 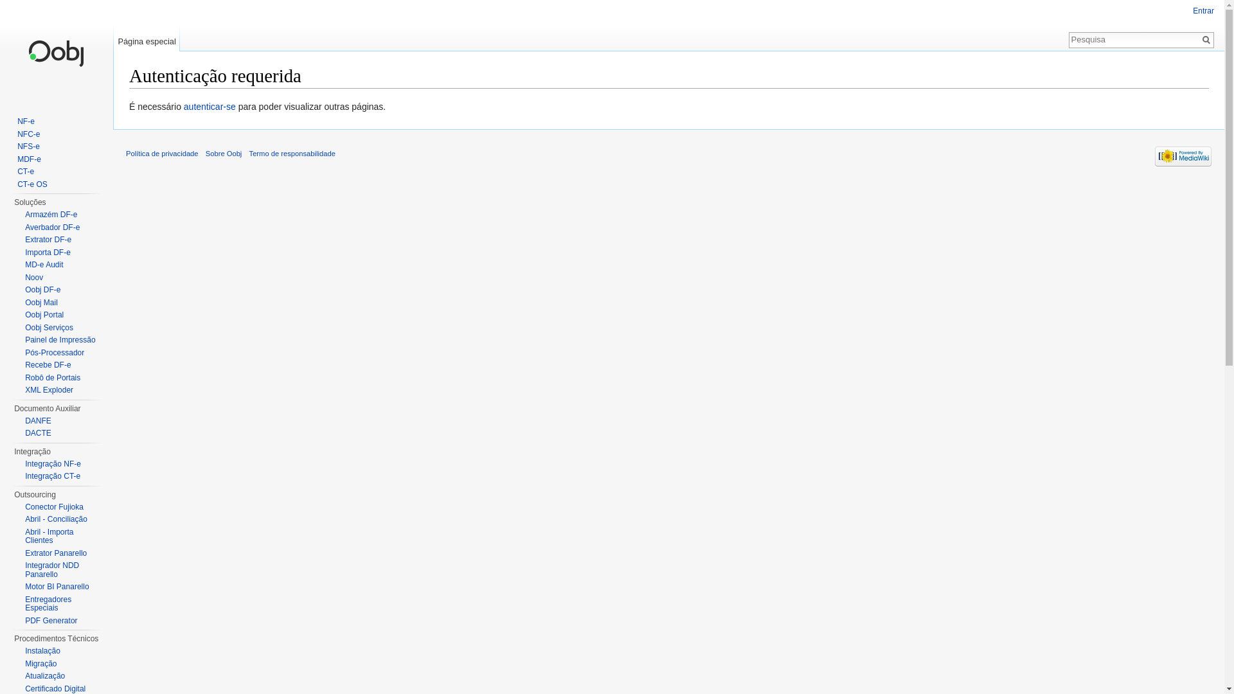 What do you see at coordinates (28, 145) in the screenshot?
I see `'NFS-e'` at bounding box center [28, 145].